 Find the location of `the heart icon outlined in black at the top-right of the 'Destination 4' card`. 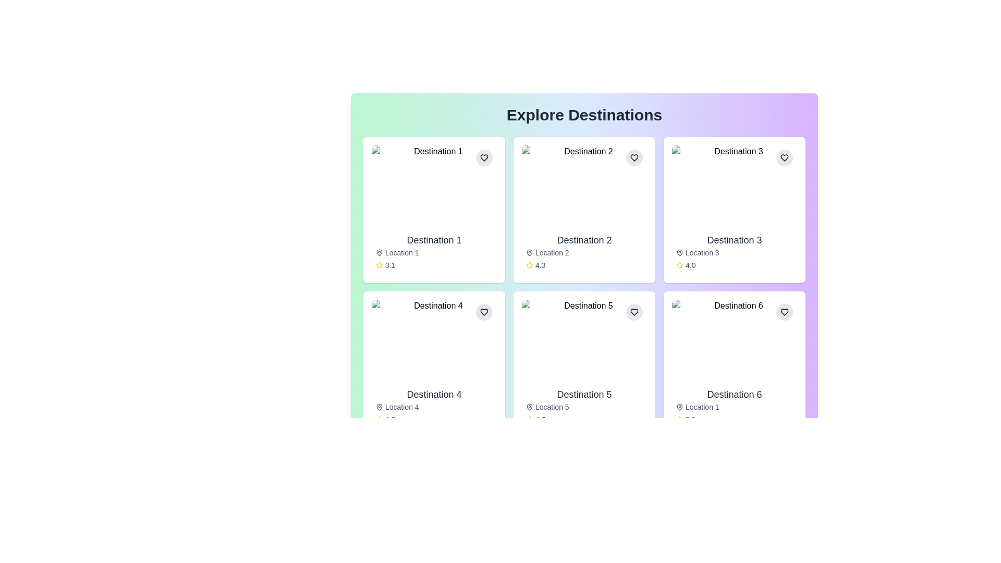

the heart icon outlined in black at the top-right of the 'Destination 4' card is located at coordinates (484, 311).